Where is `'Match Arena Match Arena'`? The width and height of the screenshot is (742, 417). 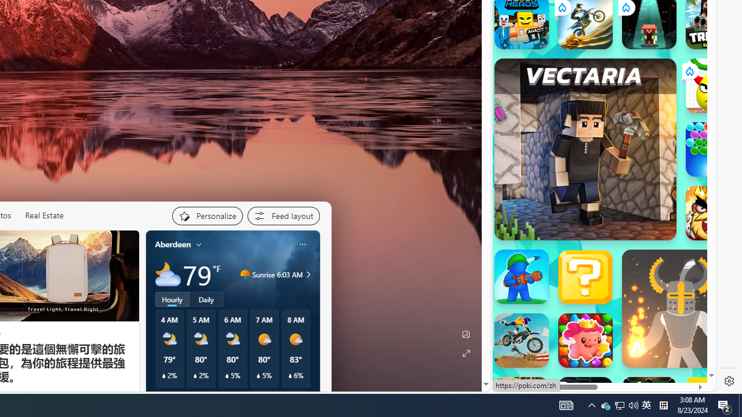
'Match Arena Match Arena' is located at coordinates (585, 339).